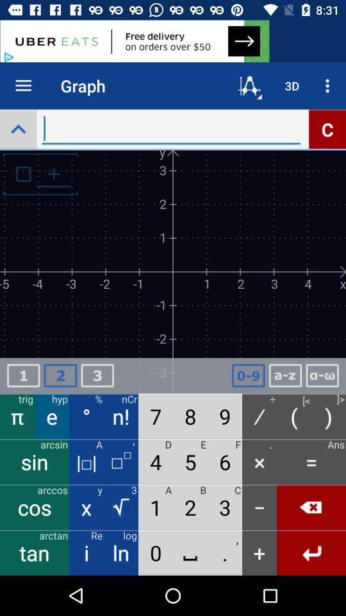 The width and height of the screenshot is (346, 616). Describe the element at coordinates (171, 129) in the screenshot. I see `typing option` at that location.